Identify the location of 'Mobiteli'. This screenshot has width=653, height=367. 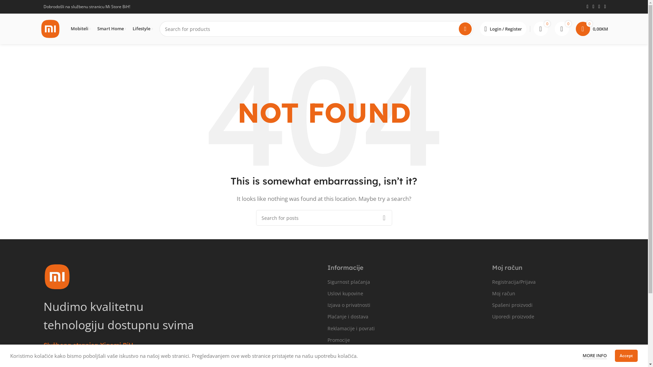
(70, 28).